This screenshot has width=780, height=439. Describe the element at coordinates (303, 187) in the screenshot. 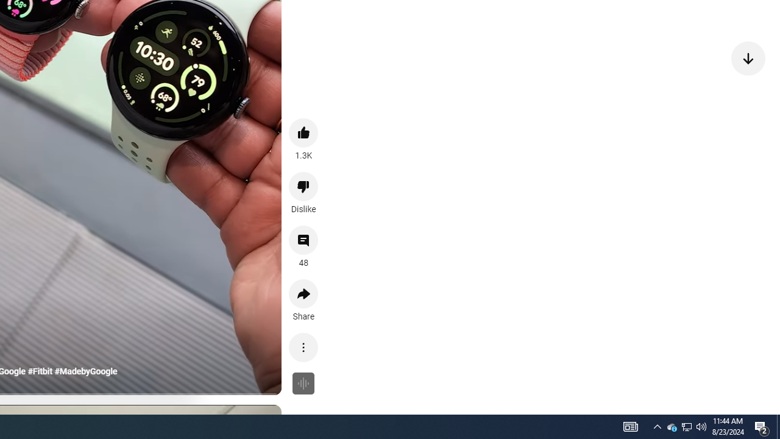

I see `'Dislike this video'` at that location.